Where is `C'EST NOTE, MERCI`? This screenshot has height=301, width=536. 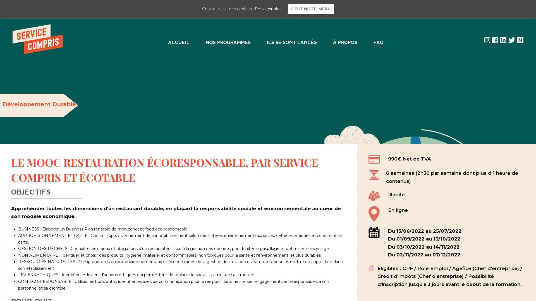
C'EST NOTE, MERCI is located at coordinates (310, 9).